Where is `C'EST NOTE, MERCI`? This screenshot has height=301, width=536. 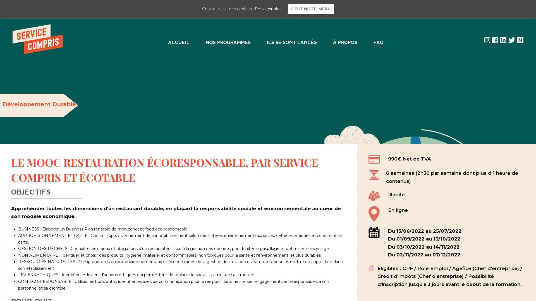
C'EST NOTE, MERCI is located at coordinates (310, 9).